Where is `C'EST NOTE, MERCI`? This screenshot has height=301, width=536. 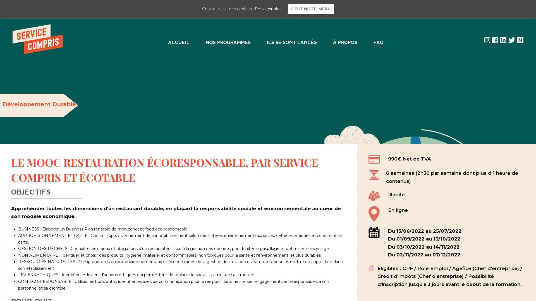
C'EST NOTE, MERCI is located at coordinates (310, 9).